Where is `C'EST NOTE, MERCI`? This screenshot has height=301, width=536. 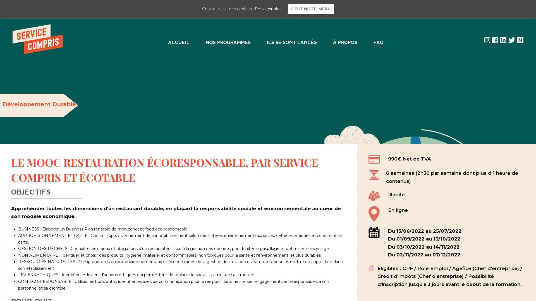
C'EST NOTE, MERCI is located at coordinates (310, 9).